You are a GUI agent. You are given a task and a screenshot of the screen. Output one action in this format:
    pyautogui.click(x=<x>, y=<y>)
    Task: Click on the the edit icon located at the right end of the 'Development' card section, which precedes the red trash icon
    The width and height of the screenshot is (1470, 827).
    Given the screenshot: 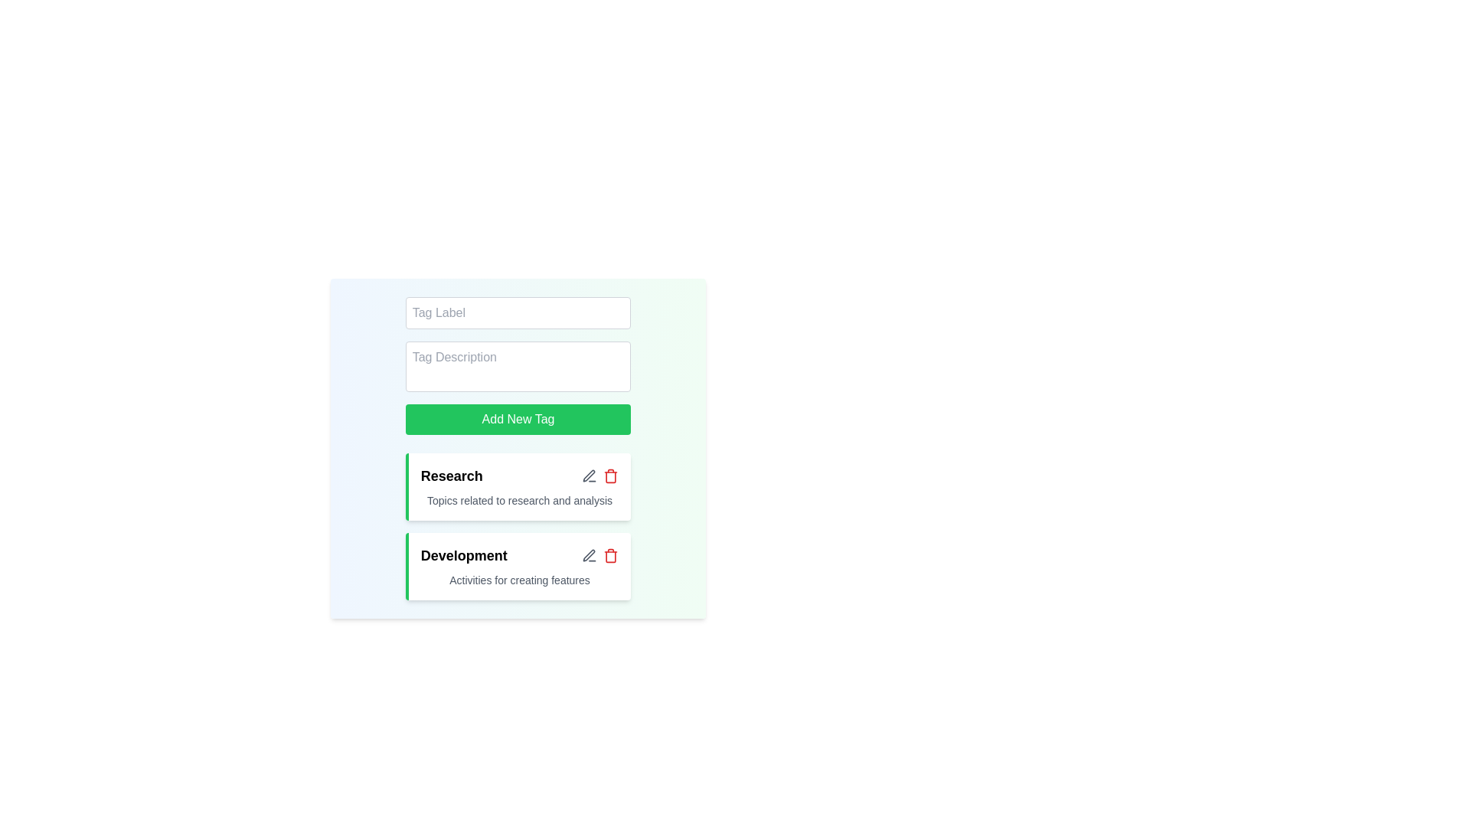 What is the action you would take?
    pyautogui.click(x=588, y=555)
    